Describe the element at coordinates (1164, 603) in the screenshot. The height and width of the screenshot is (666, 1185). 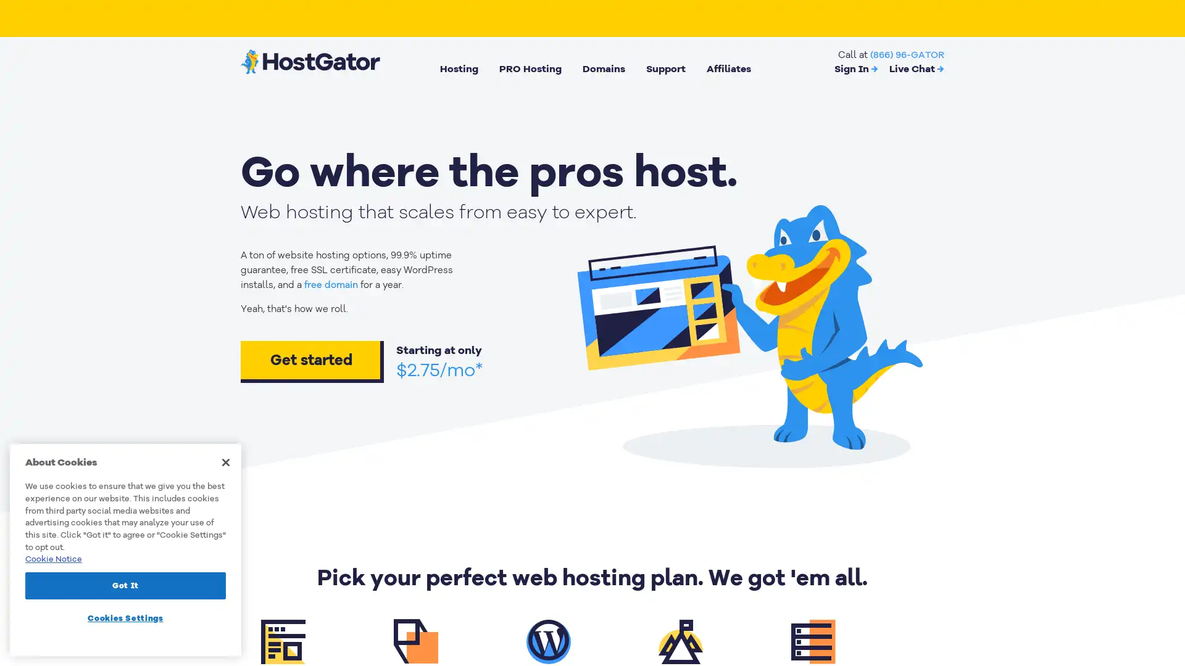
I see `Explore your accessibility options` at that location.